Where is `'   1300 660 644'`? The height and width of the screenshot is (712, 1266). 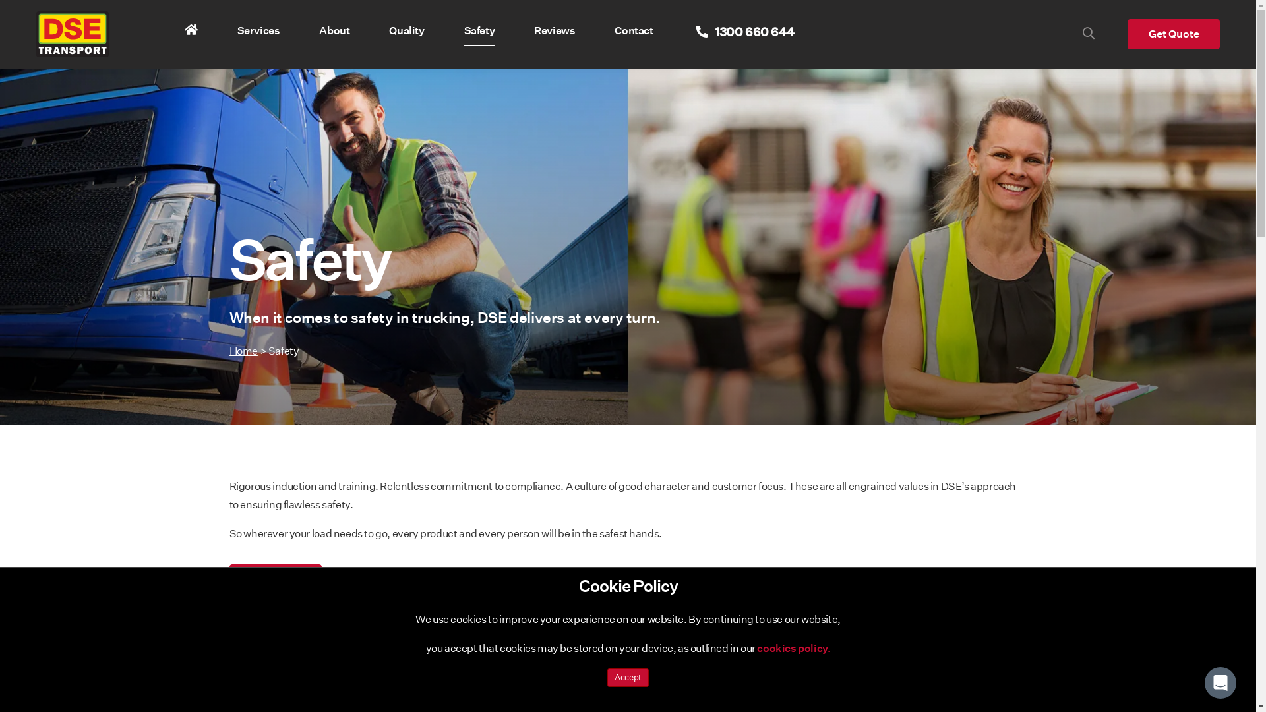 '   1300 660 644' is located at coordinates (744, 32).